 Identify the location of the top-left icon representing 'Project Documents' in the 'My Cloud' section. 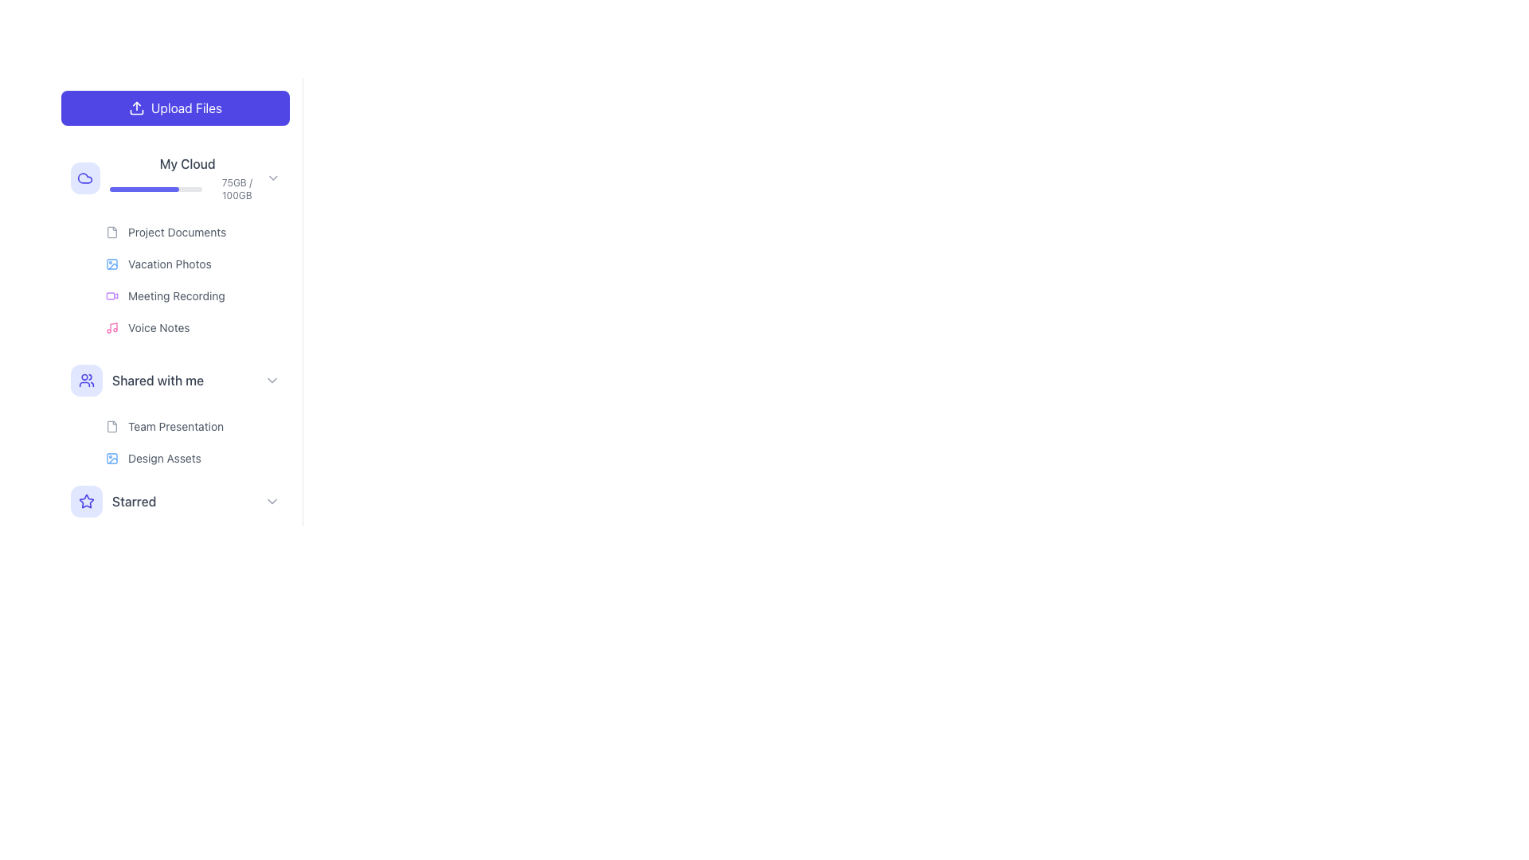
(111, 233).